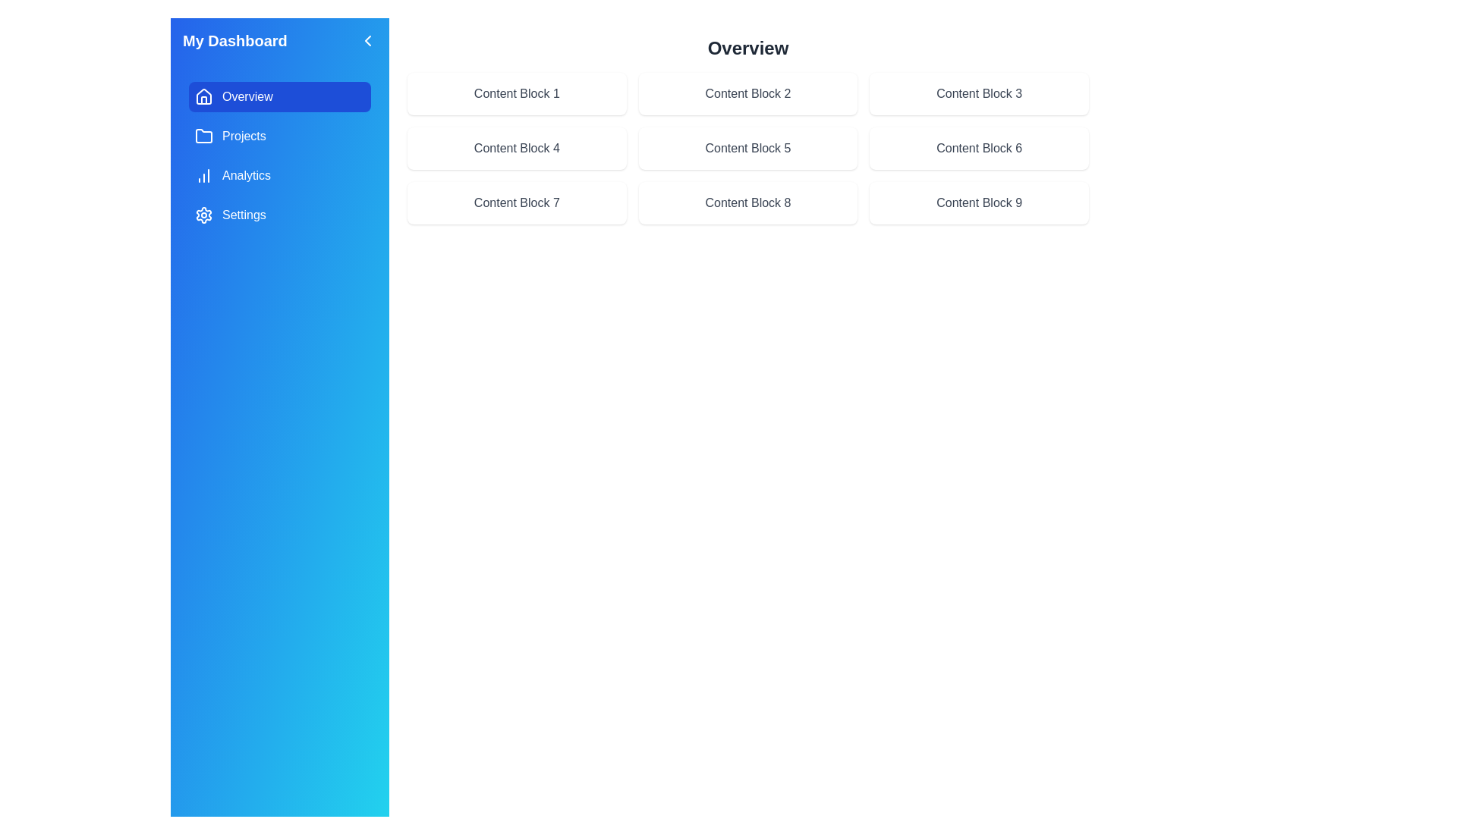 This screenshot has width=1457, height=819. What do you see at coordinates (280, 174) in the screenshot?
I see `the menu item Analytics in the sidebar` at bounding box center [280, 174].